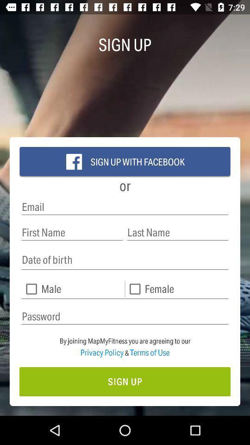 The image size is (250, 445). I want to click on the date of birth, so click(125, 260).